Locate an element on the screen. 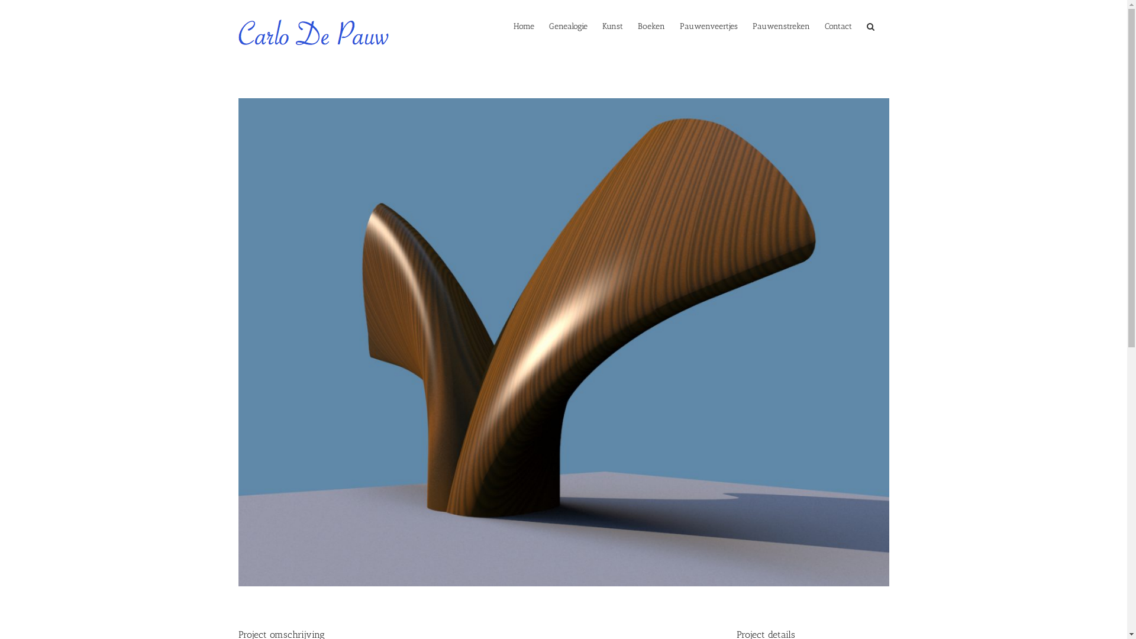 This screenshot has width=1136, height=639. 'Pauwenstreken' is located at coordinates (781, 25).